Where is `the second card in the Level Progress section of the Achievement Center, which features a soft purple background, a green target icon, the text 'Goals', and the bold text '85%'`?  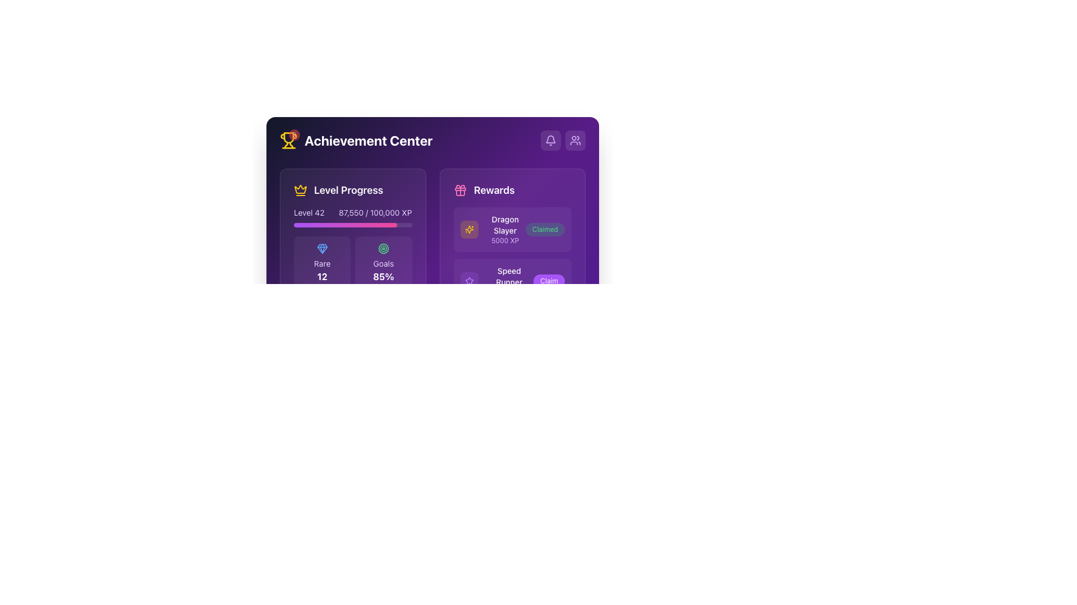
the second card in the Level Progress section of the Achievement Center, which features a soft purple background, a green target icon, the text 'Goals', and the bold text '85%' is located at coordinates (383, 263).